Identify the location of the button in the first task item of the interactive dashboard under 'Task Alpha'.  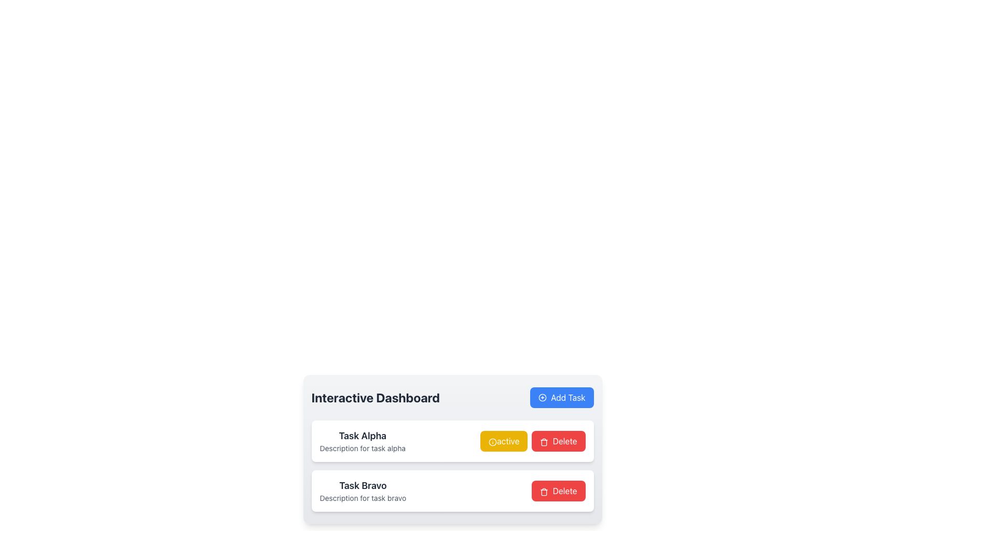
(504, 441).